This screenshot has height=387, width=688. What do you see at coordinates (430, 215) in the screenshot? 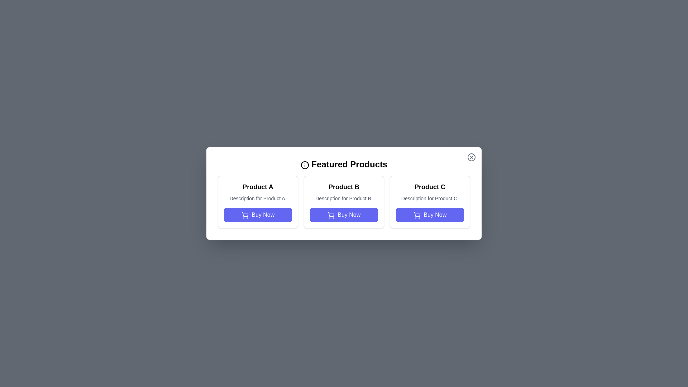
I see `the 'Buy Now' button for Product C` at bounding box center [430, 215].